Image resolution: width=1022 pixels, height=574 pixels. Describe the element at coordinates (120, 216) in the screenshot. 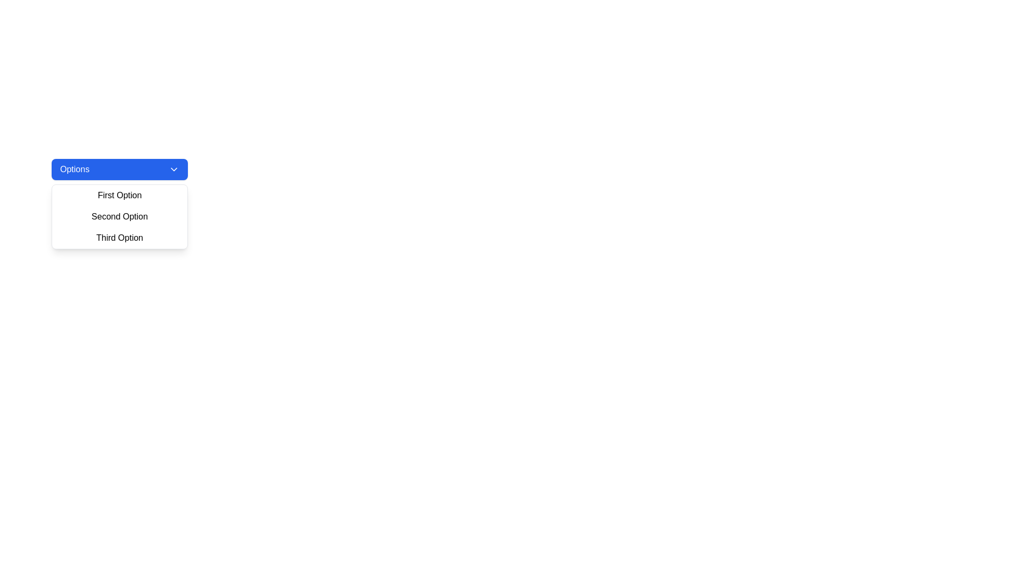

I see `the 'Second Option' text link within the dropdown menu` at that location.